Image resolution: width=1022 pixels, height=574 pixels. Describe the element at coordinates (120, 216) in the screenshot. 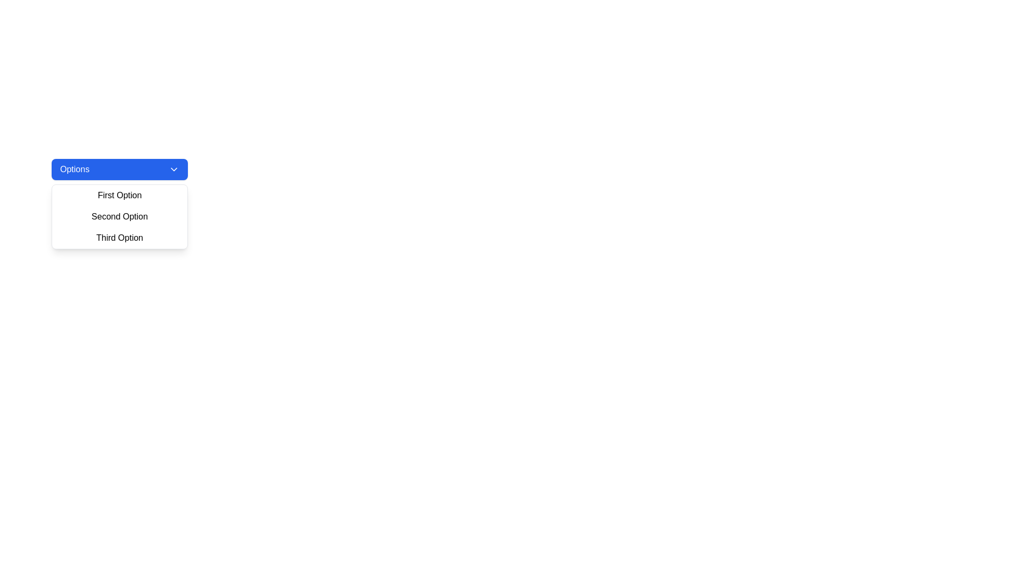

I see `the 'Second Option' text link within the dropdown menu` at that location.